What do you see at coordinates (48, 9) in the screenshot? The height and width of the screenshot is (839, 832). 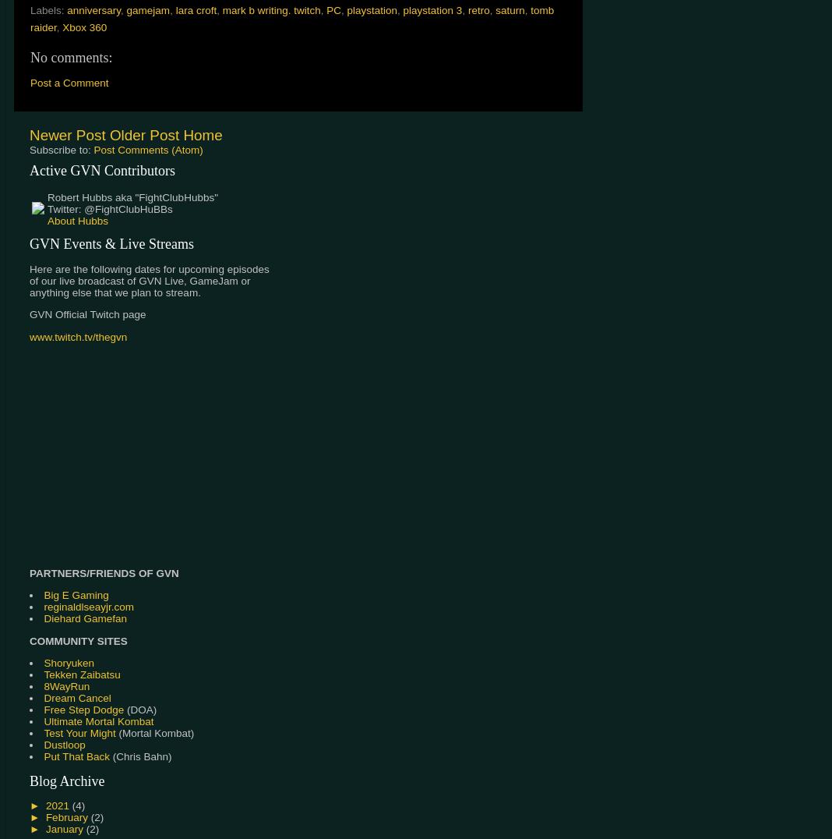 I see `'Labels:'` at bounding box center [48, 9].